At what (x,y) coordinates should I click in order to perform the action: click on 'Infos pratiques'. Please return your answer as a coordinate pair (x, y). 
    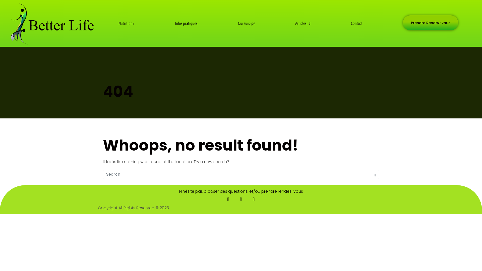
    Looking at the image, I should click on (186, 23).